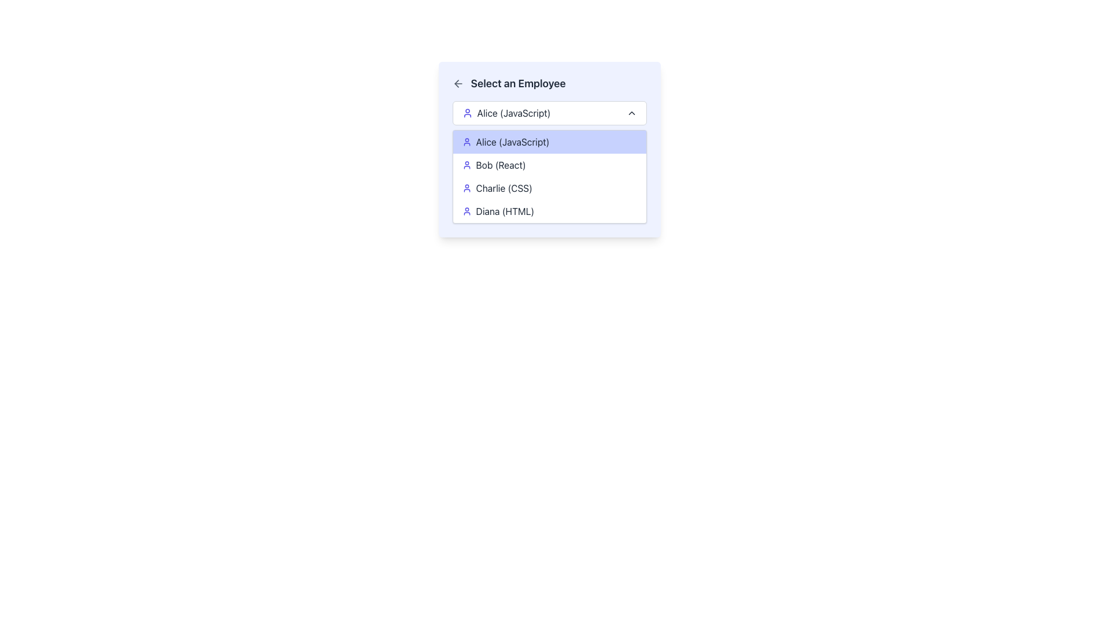 The height and width of the screenshot is (624, 1110). Describe the element at coordinates (549, 188) in the screenshot. I see `the 'Charlie (CSS)' option in the dropdown menu` at that location.